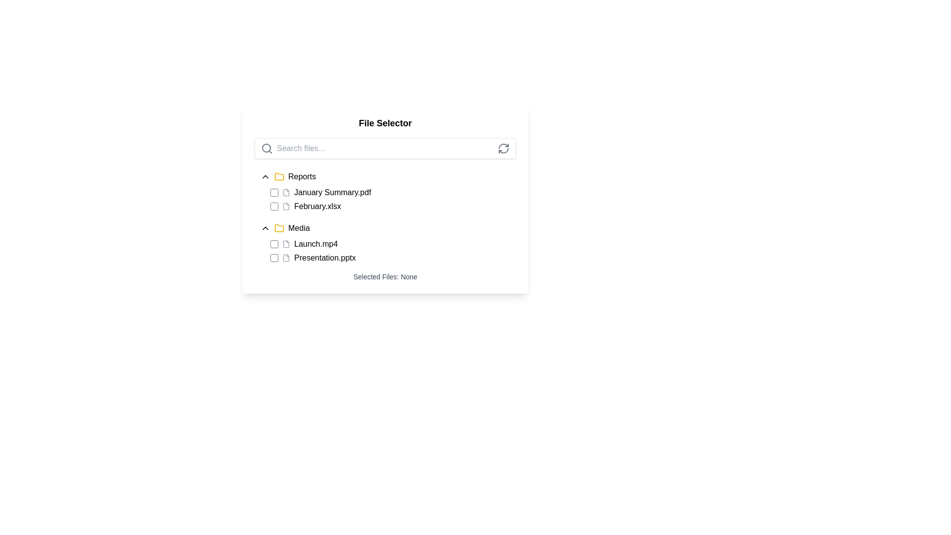 The image size is (951, 535). I want to click on the checkbox for the file 'Presentation.pptx', so click(274, 257).